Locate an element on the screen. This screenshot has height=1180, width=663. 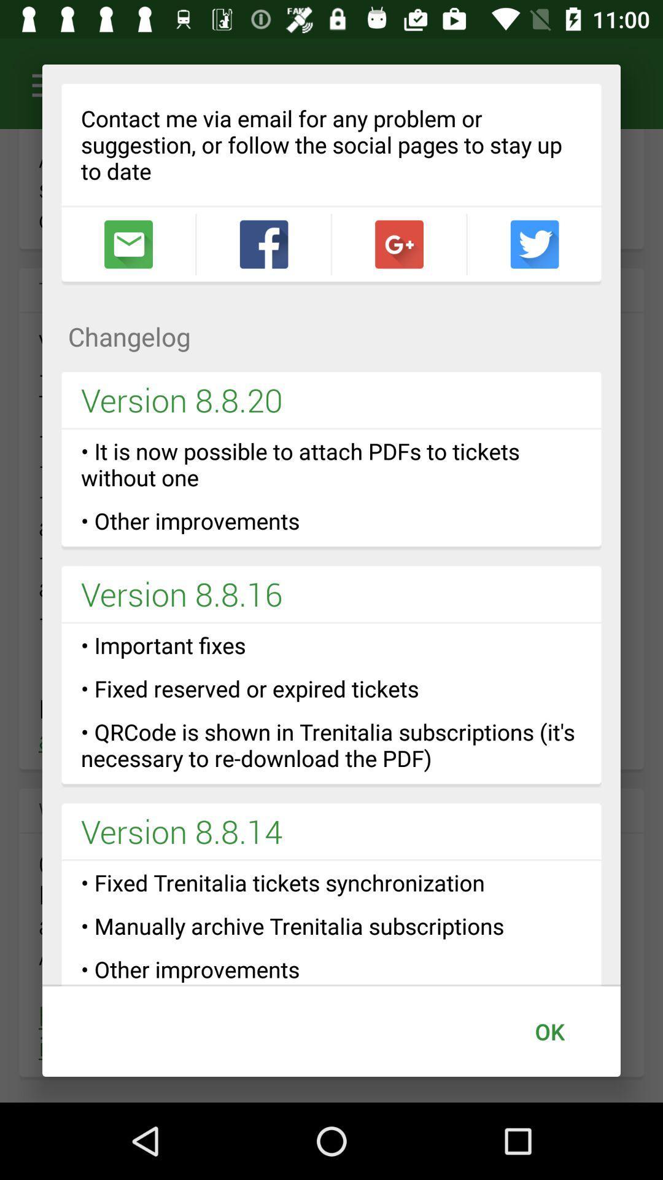
the ok icon is located at coordinates (549, 1031).